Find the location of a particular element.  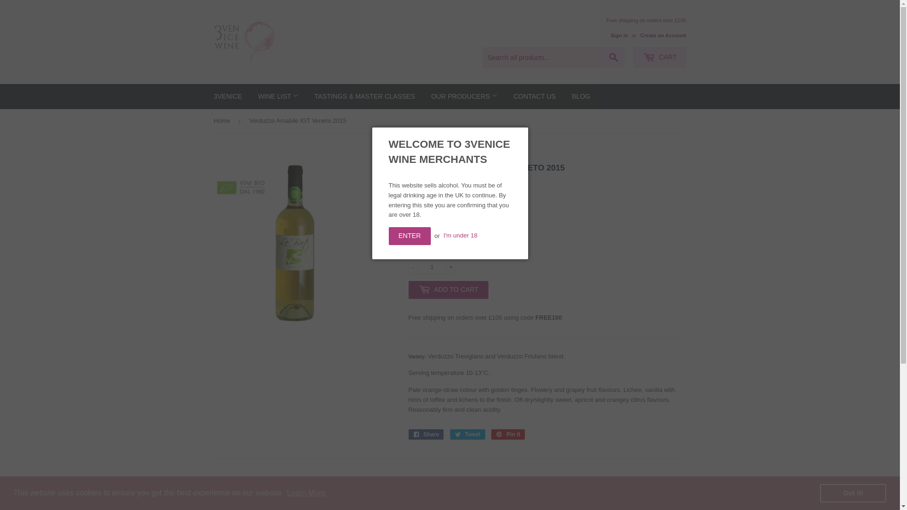

'BLOG' is located at coordinates (581, 96).